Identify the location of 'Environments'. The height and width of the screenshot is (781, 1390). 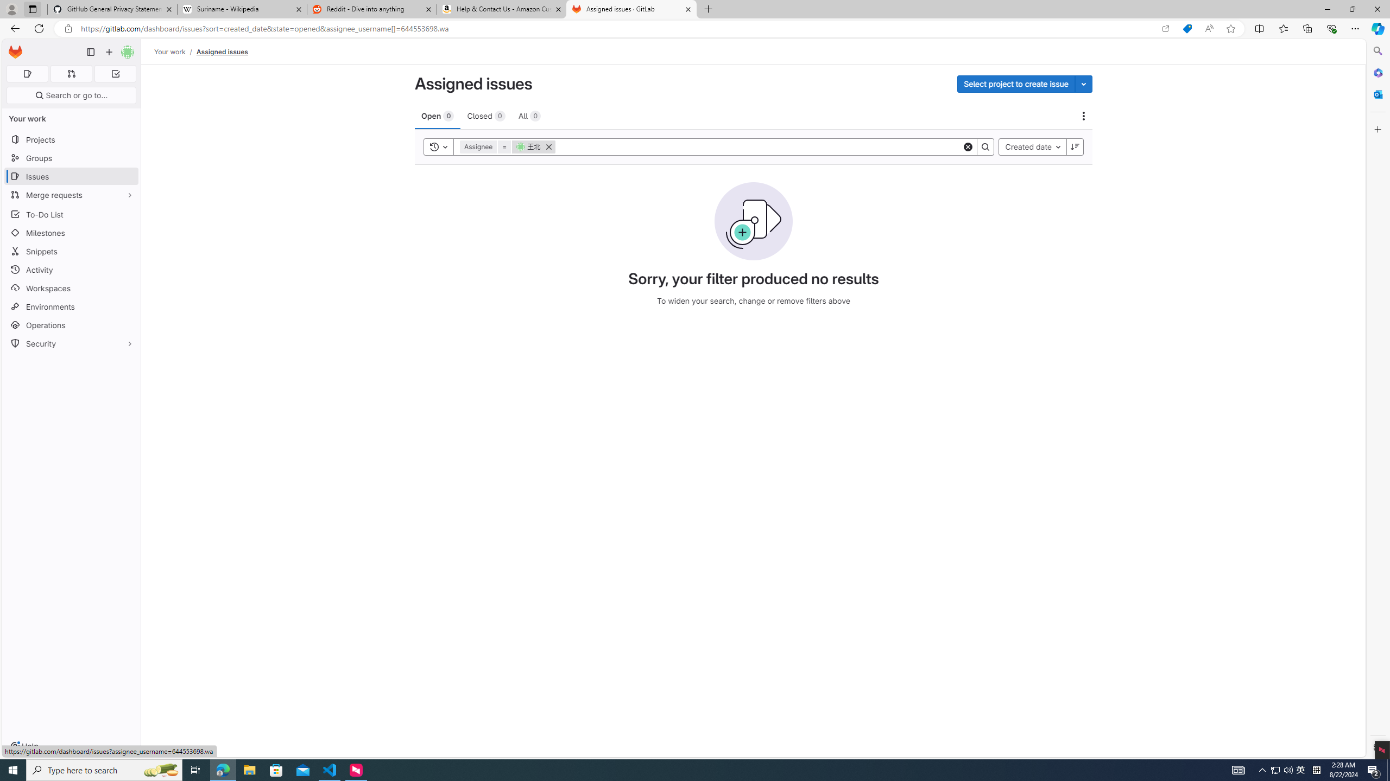
(71, 306).